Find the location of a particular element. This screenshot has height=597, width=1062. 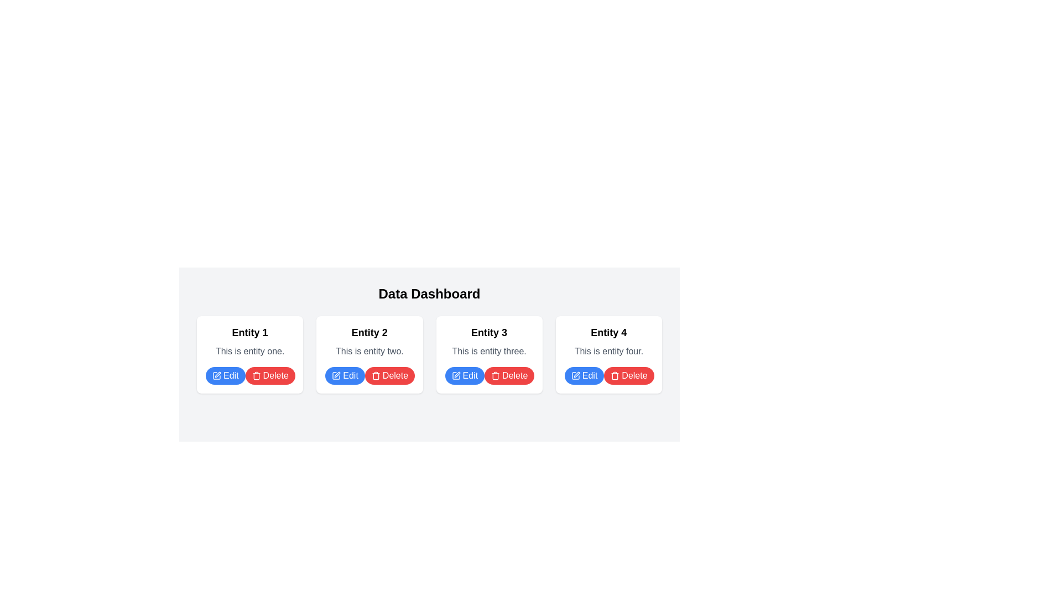

the 'Edit' button located within the fourth card labeled 'Entity 4' in the 'Data Dashboard', which features a square icon with rounded edges and a pen inside it is located at coordinates (575, 375).